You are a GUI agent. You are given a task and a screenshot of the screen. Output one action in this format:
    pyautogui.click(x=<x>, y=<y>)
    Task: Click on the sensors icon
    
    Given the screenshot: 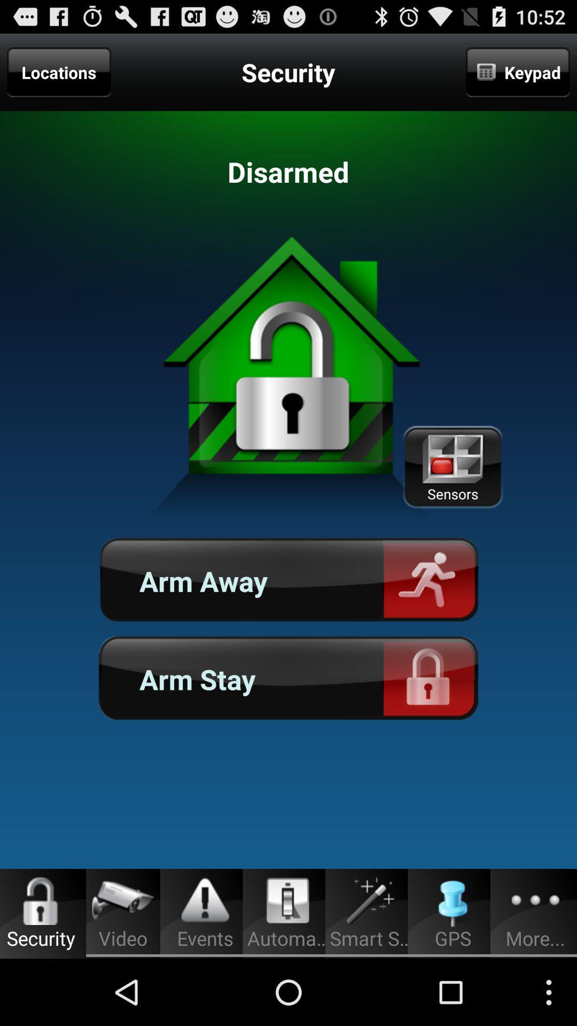 What is the action you would take?
    pyautogui.click(x=453, y=467)
    